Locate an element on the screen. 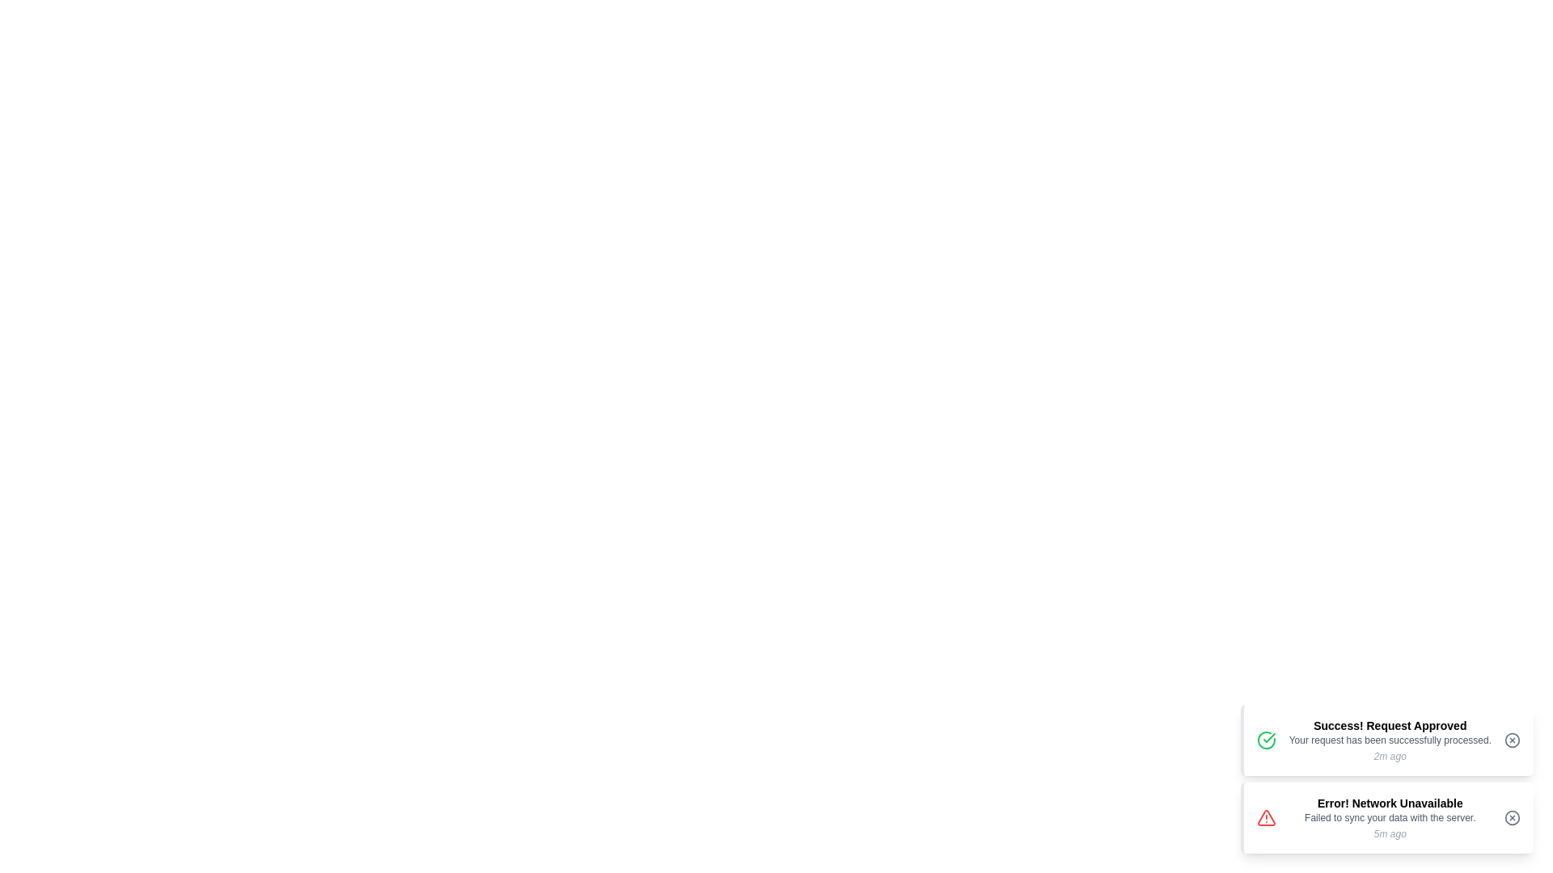 This screenshot has width=1553, height=873. close button on the snackbar is located at coordinates (1512, 740).